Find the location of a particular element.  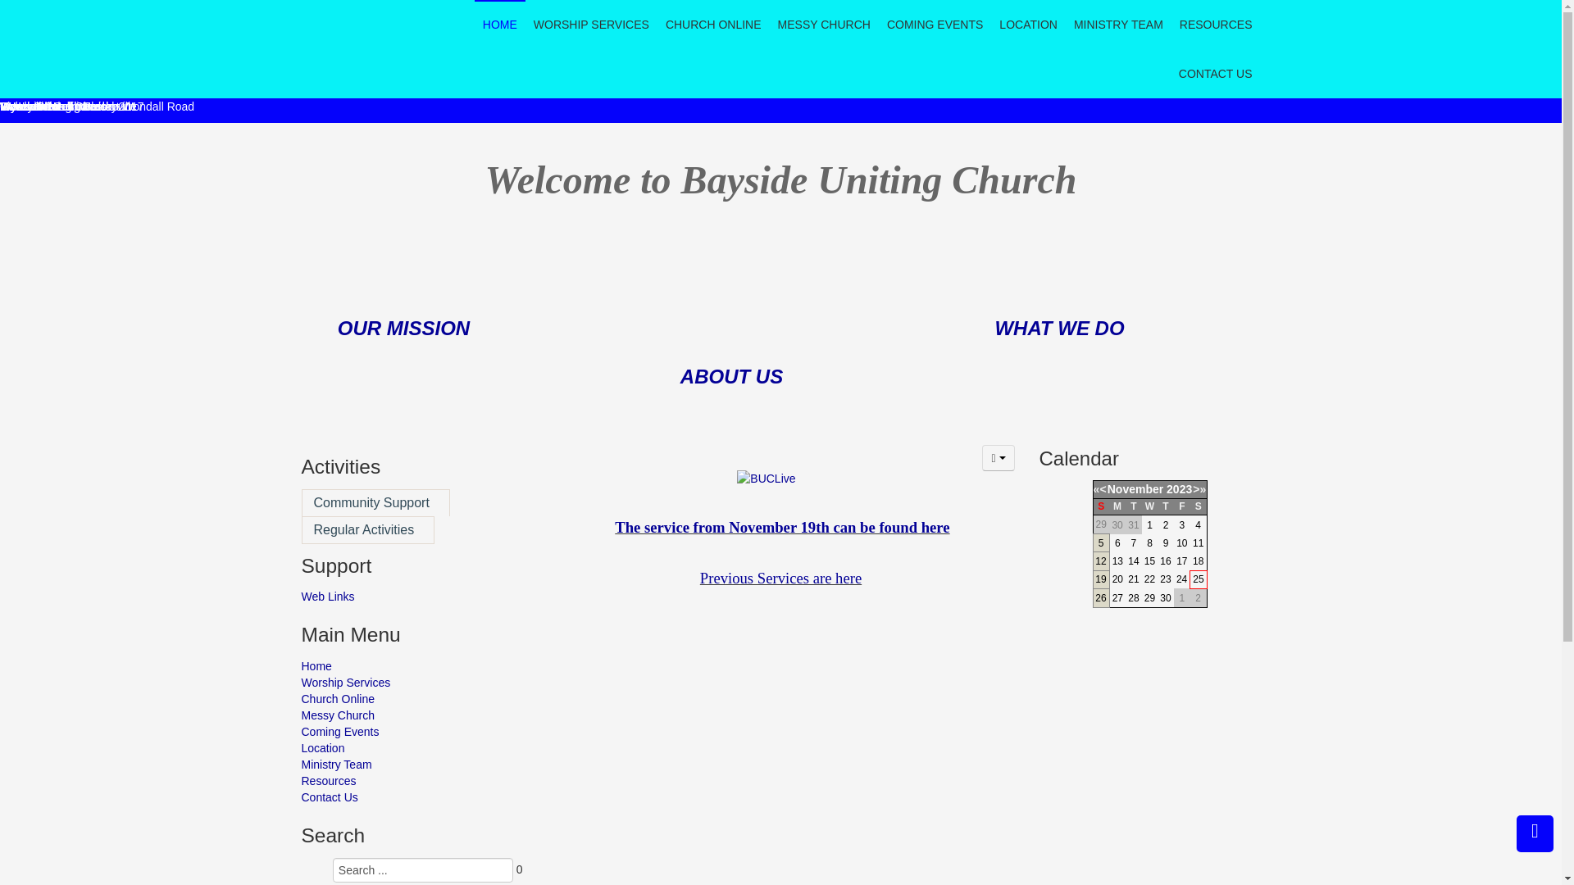

'CHURCH ONLINE' is located at coordinates (713, 25).